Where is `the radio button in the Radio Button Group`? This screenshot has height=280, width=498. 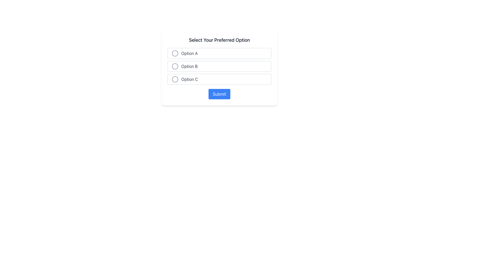
the radio button in the Radio Button Group is located at coordinates (219, 68).